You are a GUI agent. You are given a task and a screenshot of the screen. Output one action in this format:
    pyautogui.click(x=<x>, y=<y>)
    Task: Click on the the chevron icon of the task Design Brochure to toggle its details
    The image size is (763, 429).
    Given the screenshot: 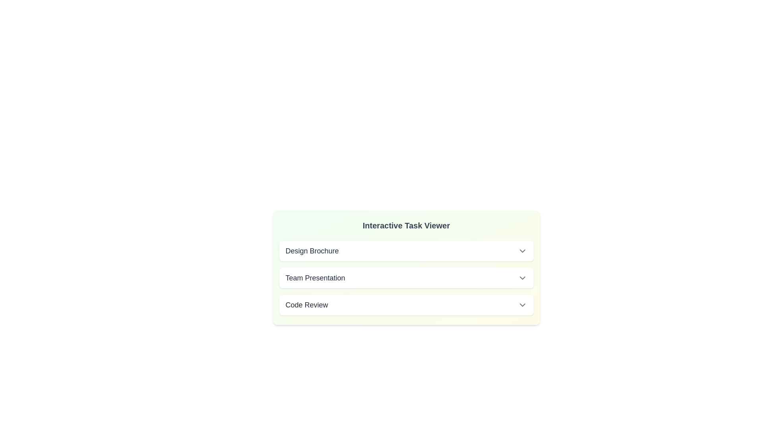 What is the action you would take?
    pyautogui.click(x=522, y=251)
    